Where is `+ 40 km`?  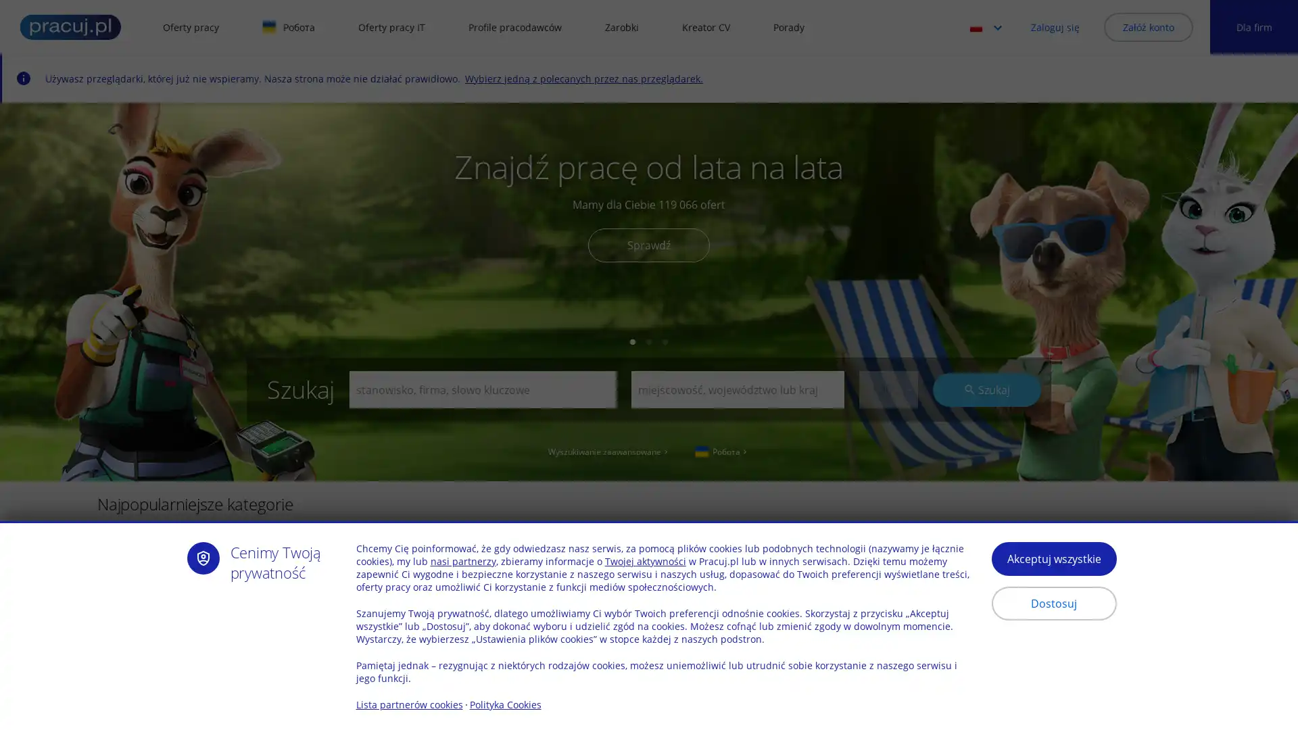
+ 40 km is located at coordinates (888, 580).